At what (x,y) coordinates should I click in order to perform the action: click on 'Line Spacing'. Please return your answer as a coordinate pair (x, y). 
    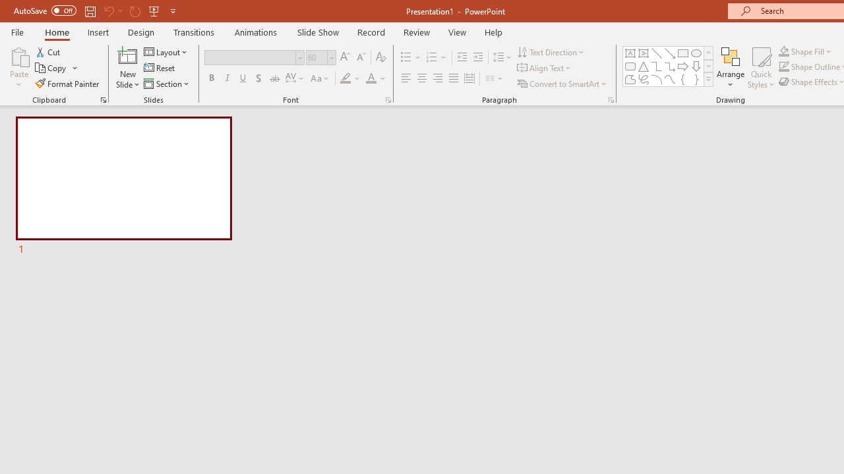
    Looking at the image, I should click on (502, 57).